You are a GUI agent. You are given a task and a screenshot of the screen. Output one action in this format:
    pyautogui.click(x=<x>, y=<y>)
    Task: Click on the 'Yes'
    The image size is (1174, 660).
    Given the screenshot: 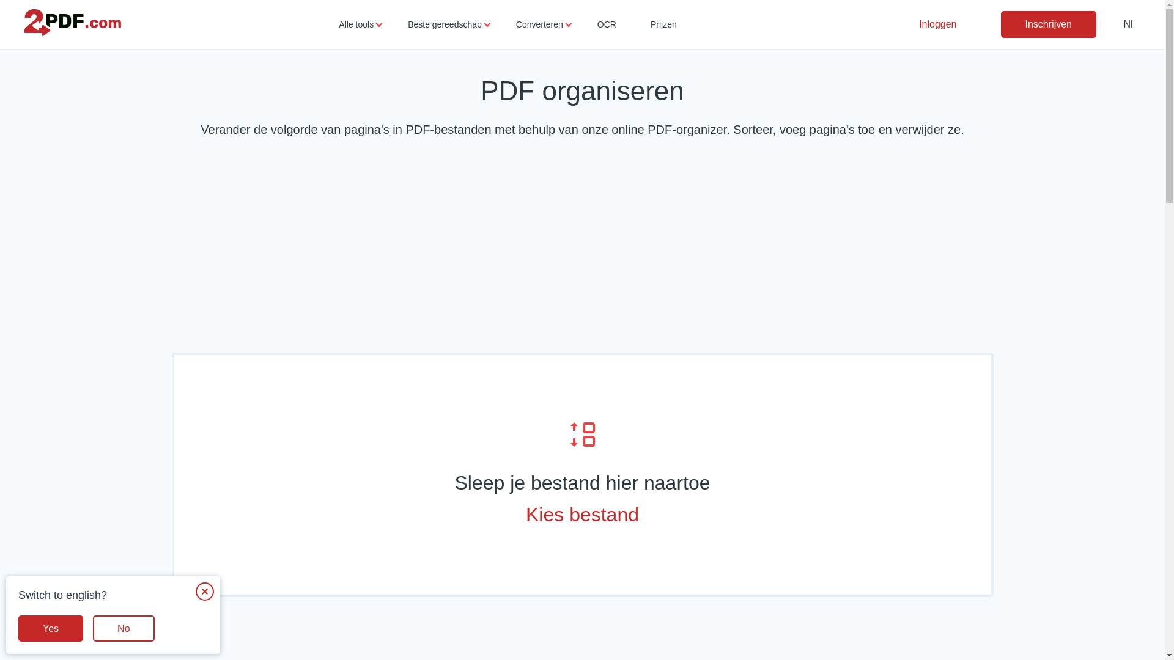 What is the action you would take?
    pyautogui.click(x=18, y=628)
    